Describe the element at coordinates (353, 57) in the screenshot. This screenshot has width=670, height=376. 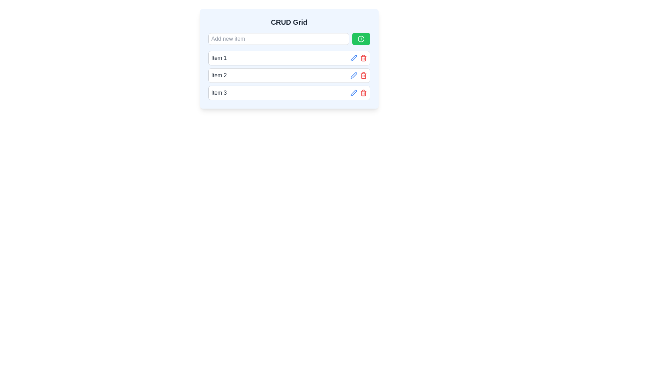
I see `the edit icon button located in the third row of the item list, immediately to the right of the text field displaying 'Item 3', to initiate the editing process` at that location.